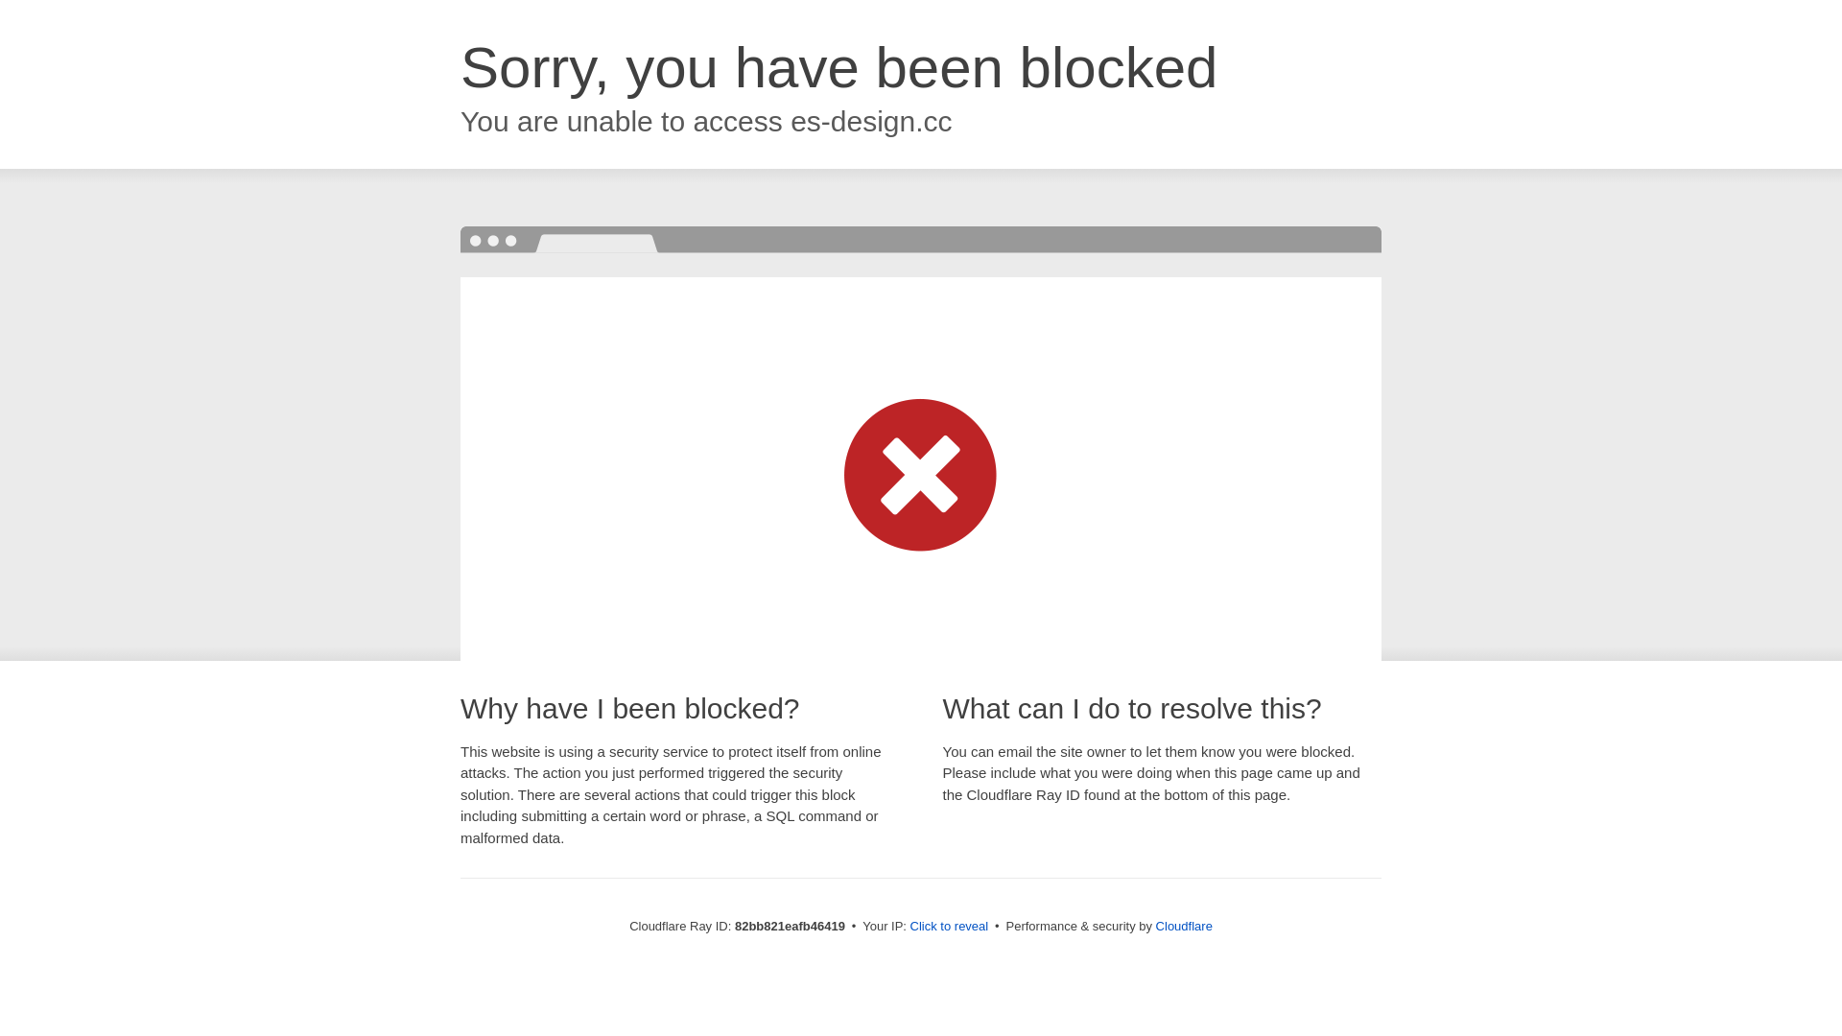 This screenshot has width=1842, height=1036. What do you see at coordinates (1183, 925) in the screenshot?
I see `'Cloudflare'` at bounding box center [1183, 925].